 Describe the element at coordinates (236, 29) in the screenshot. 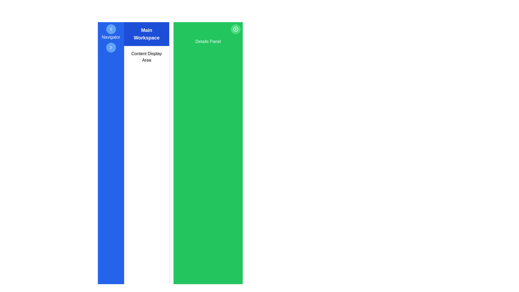

I see `the close button represented by the circular outline within the green-colored details panel, located at the top-right corner of the panel` at that location.